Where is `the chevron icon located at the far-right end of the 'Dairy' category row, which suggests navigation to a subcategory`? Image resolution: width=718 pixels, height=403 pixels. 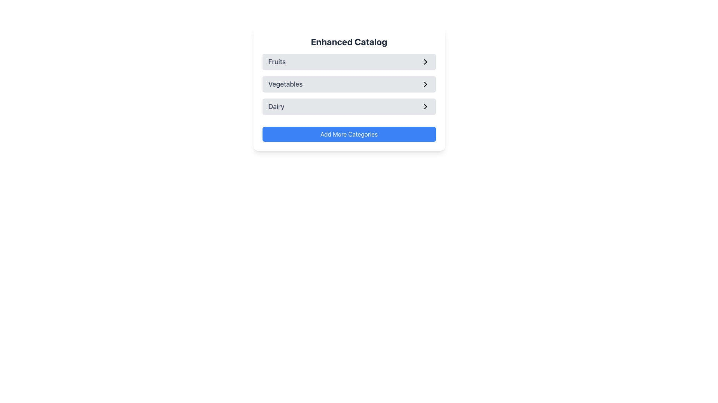 the chevron icon located at the far-right end of the 'Dairy' category row, which suggests navigation to a subcategory is located at coordinates (425, 106).